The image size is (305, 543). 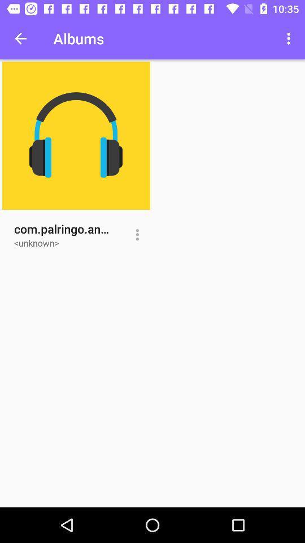 What do you see at coordinates (290, 38) in the screenshot?
I see `icon at the top right corner` at bounding box center [290, 38].